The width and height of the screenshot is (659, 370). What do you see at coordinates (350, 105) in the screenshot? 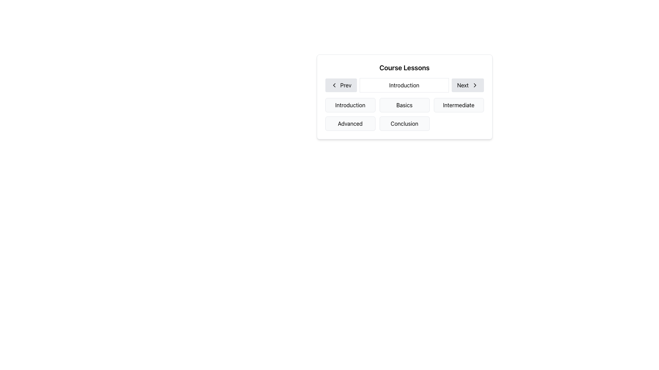
I see `the 'Introduction' button in the lesson navigation interface to observe the background color change` at bounding box center [350, 105].